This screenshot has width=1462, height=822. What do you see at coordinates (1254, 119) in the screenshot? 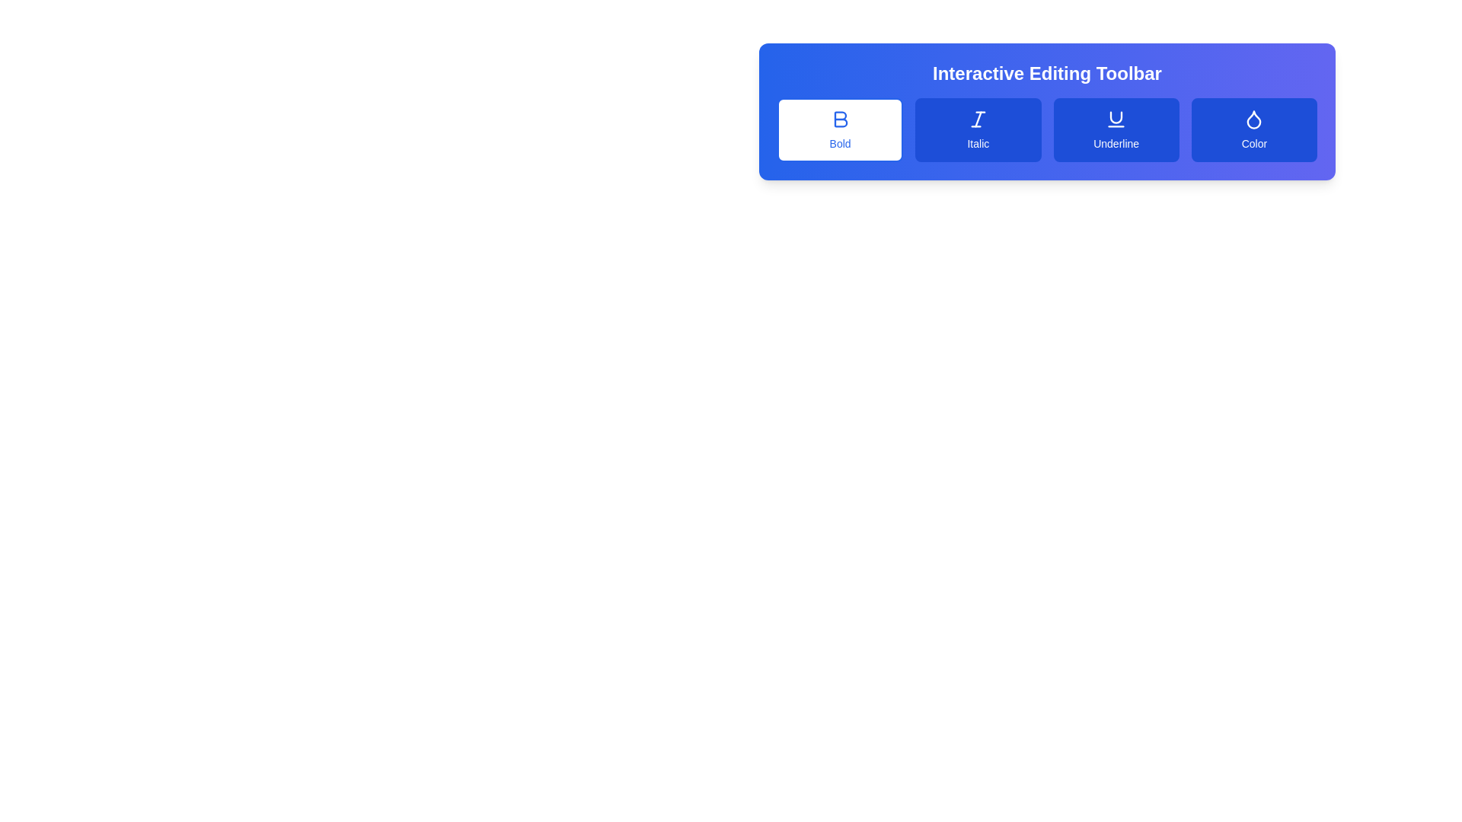
I see `the waterdrop-shaped icon with a blue fill located at the far right of the toolbar` at bounding box center [1254, 119].